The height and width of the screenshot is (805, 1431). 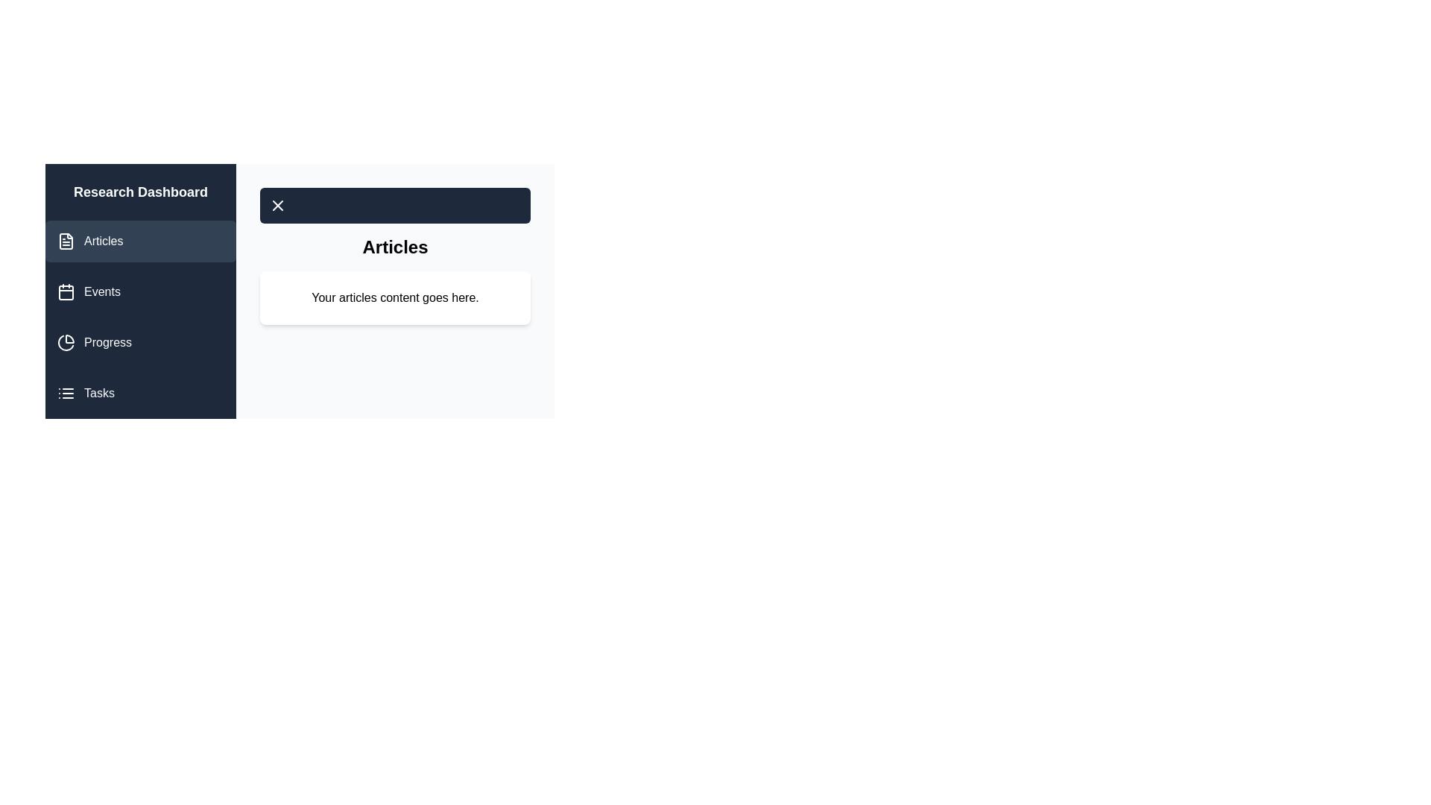 What do you see at coordinates (140, 342) in the screenshot?
I see `the Progress section in the sidebar to navigate` at bounding box center [140, 342].